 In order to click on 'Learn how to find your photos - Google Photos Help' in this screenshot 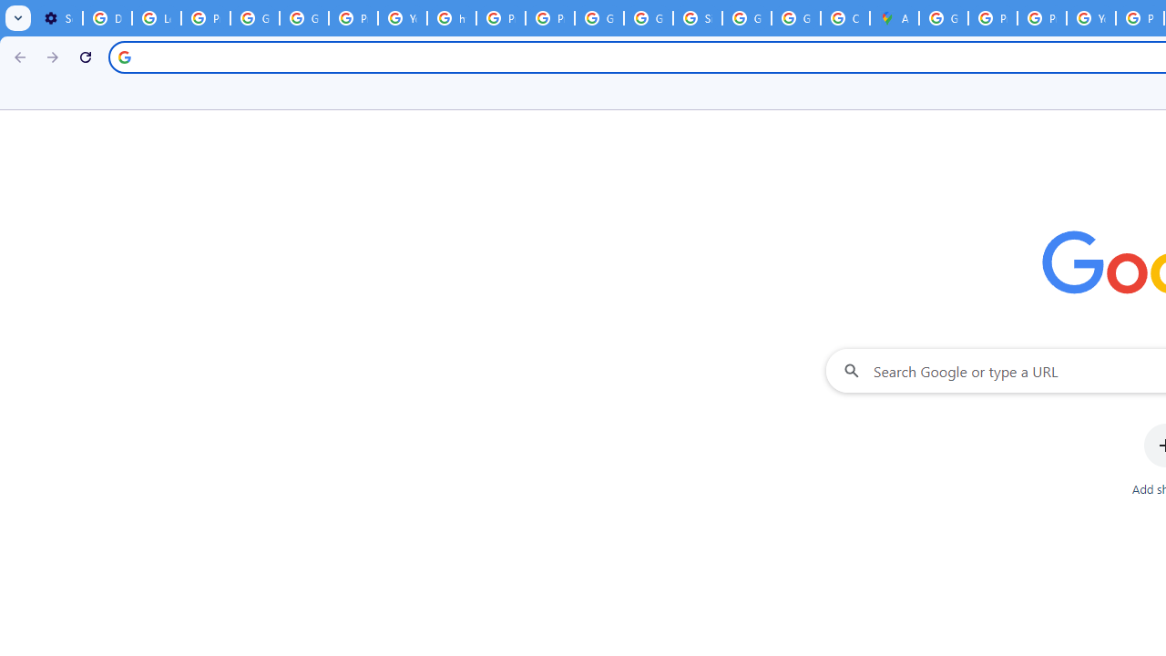, I will do `click(156, 18)`.